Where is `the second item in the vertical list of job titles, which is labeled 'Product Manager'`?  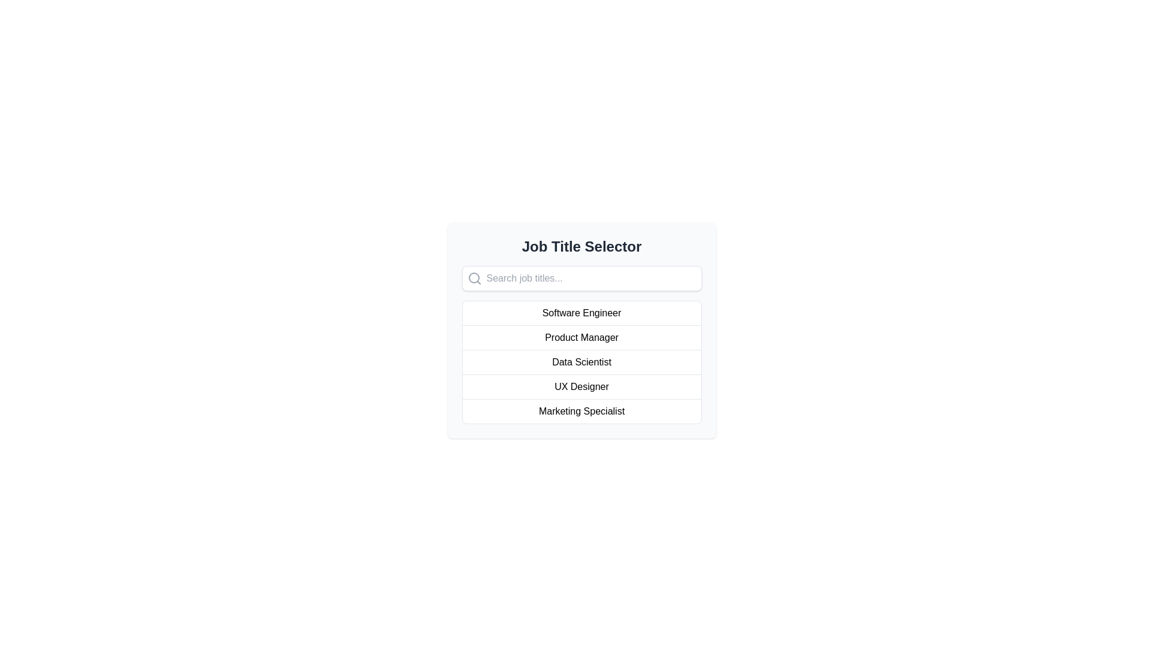 the second item in the vertical list of job titles, which is labeled 'Product Manager' is located at coordinates (581, 330).